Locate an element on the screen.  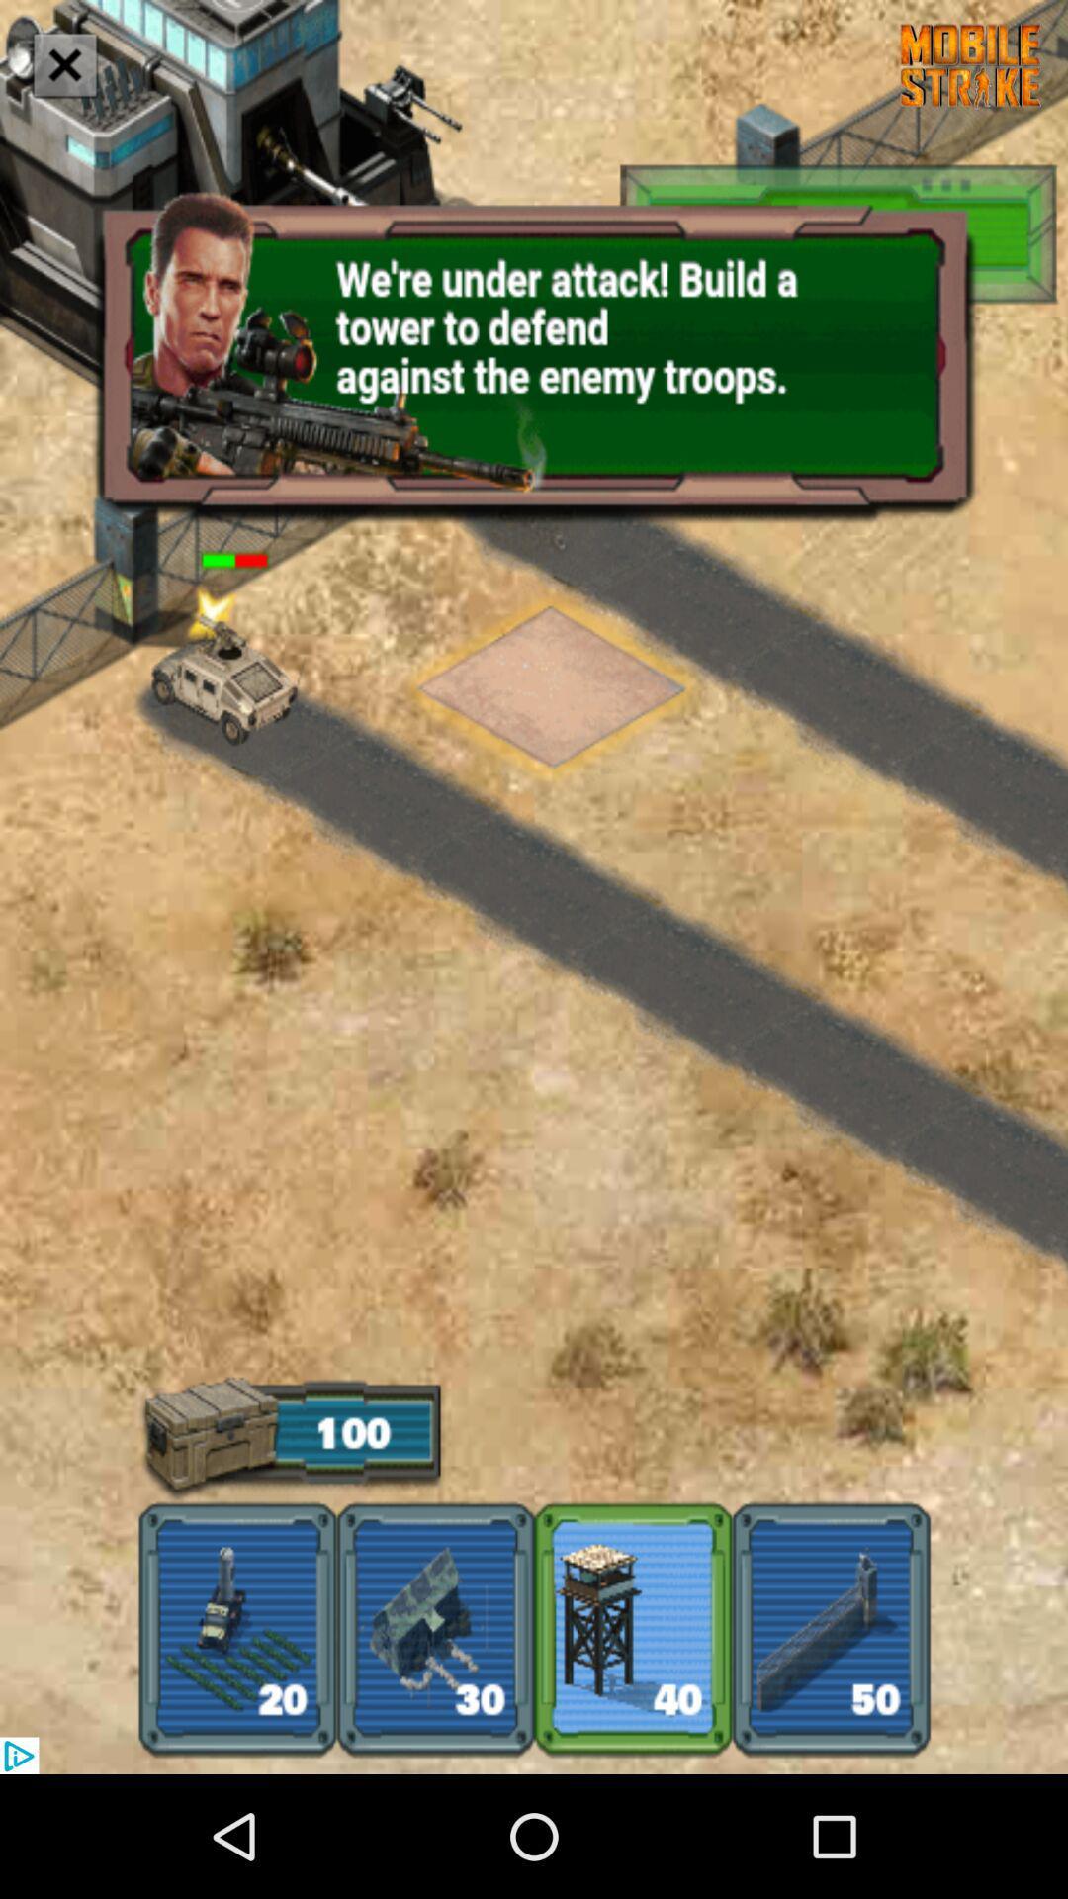
the close icon is located at coordinates (90, 96).